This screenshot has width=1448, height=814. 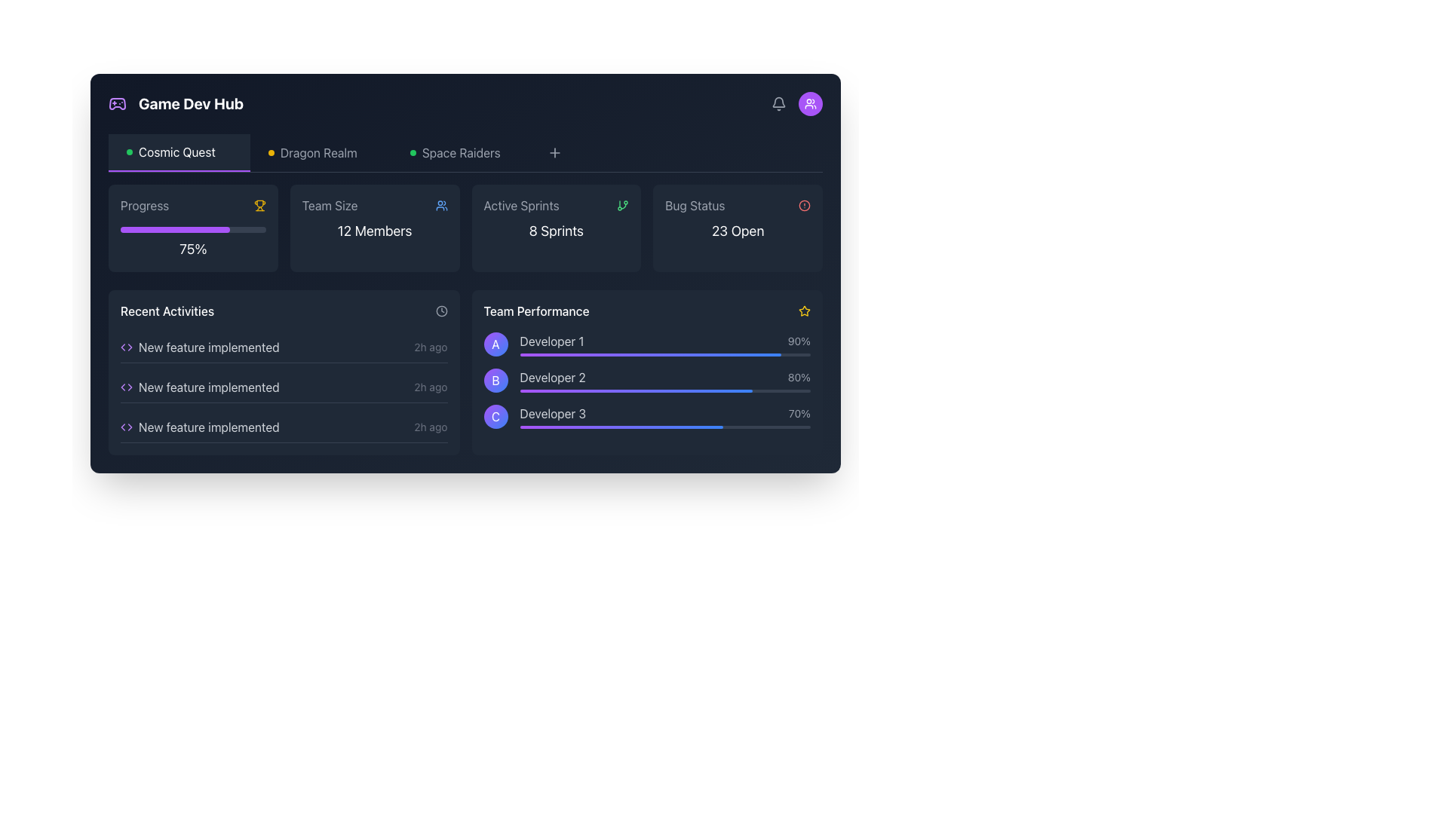 What do you see at coordinates (318, 153) in the screenshot?
I see `the Text label that serves as a navigational reference within the horizontal bar, located between 'Cosmic Quest' and 'Space Raiders'` at bounding box center [318, 153].